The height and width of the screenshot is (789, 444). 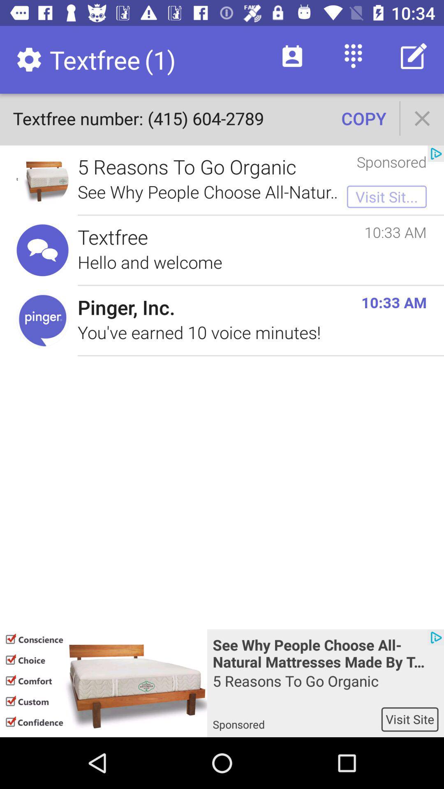 I want to click on the close icon, so click(x=422, y=118).